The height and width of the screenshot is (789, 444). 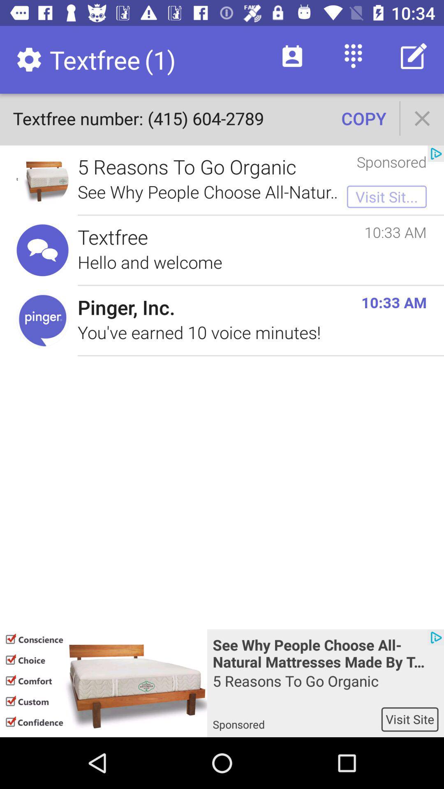 I want to click on the close icon, so click(x=422, y=118).